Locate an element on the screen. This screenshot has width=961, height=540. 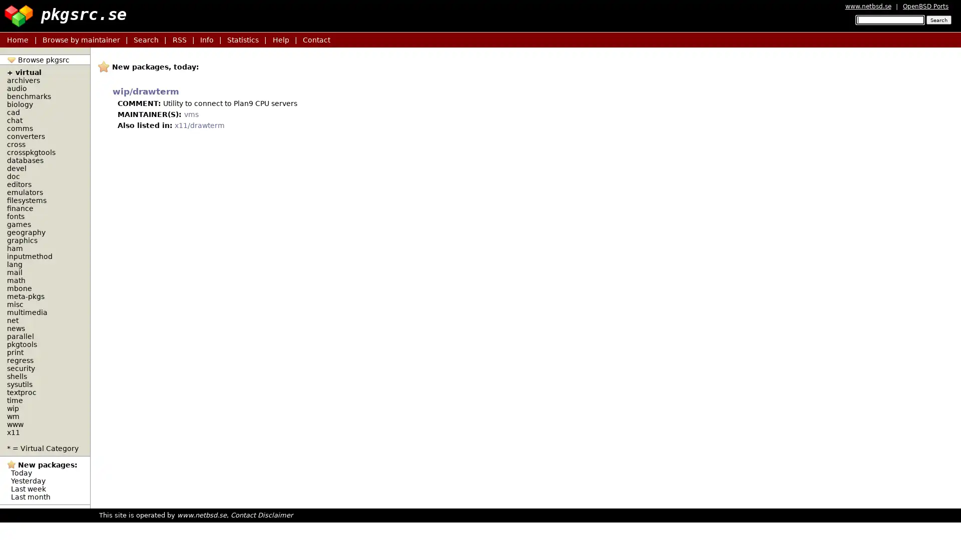
Search is located at coordinates (938, 19).